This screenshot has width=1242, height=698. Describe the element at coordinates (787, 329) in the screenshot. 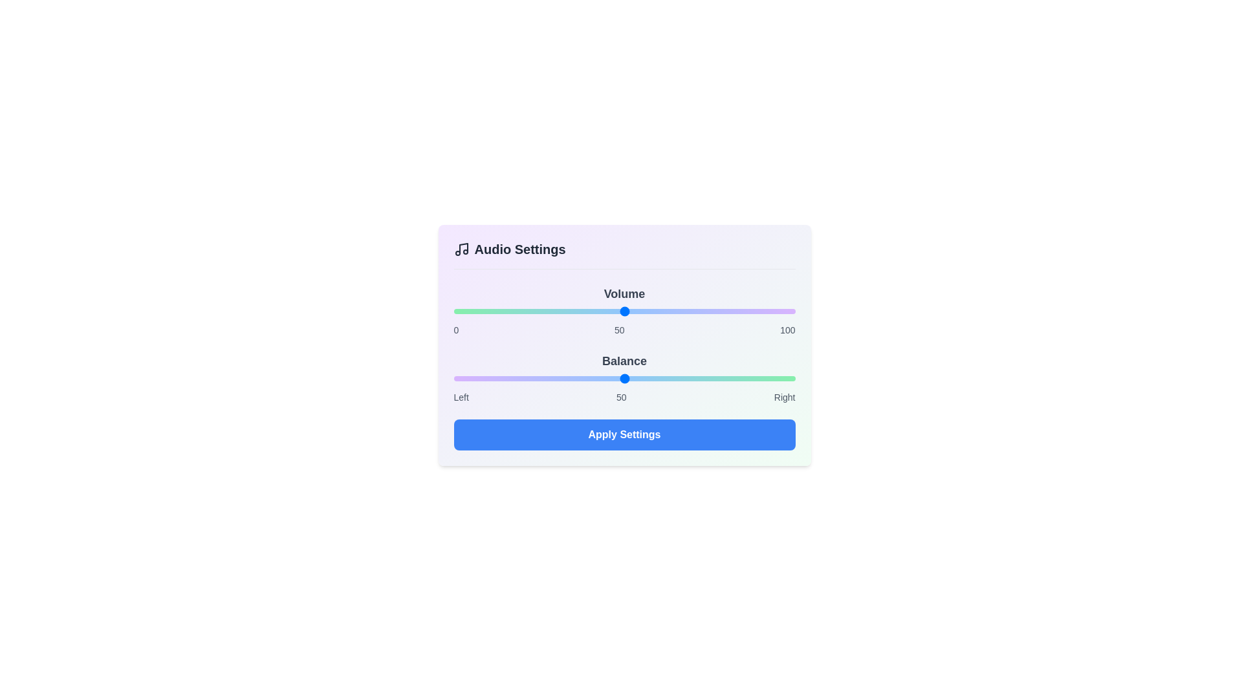

I see `the static text label displaying the number '100', which is styled in gray and positioned at the right end of the 'Volume' slider section` at that location.